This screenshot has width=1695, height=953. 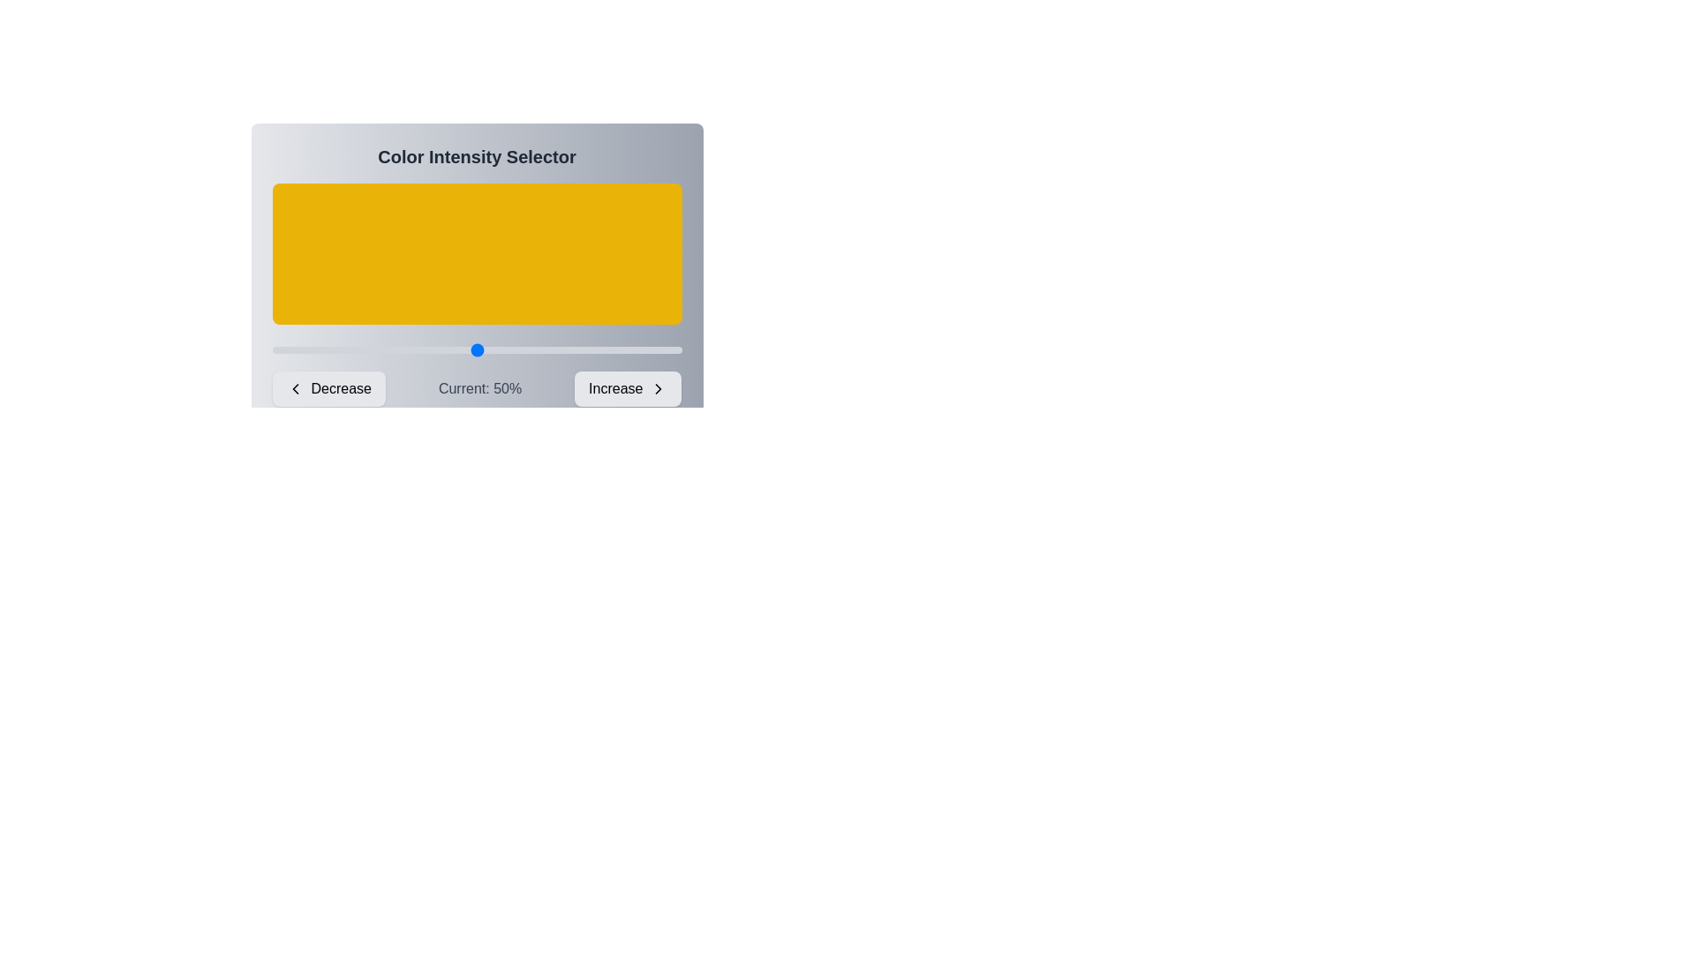 I want to click on color intensity, so click(x=452, y=350).